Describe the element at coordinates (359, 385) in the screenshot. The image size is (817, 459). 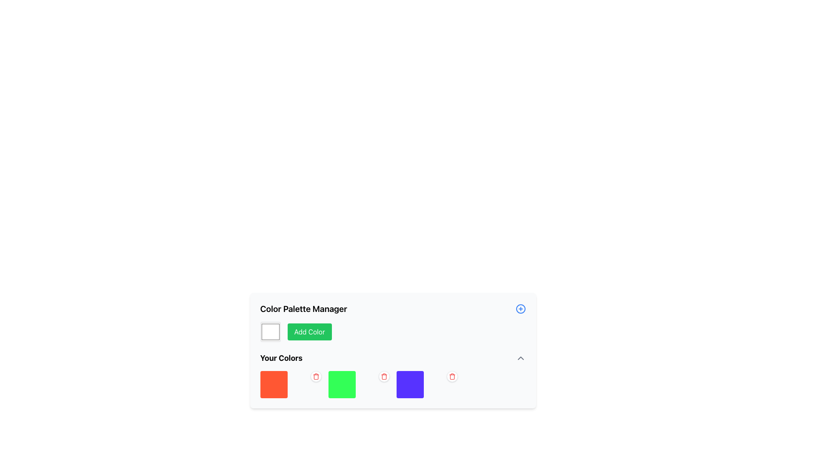
I see `the second color block` at that location.